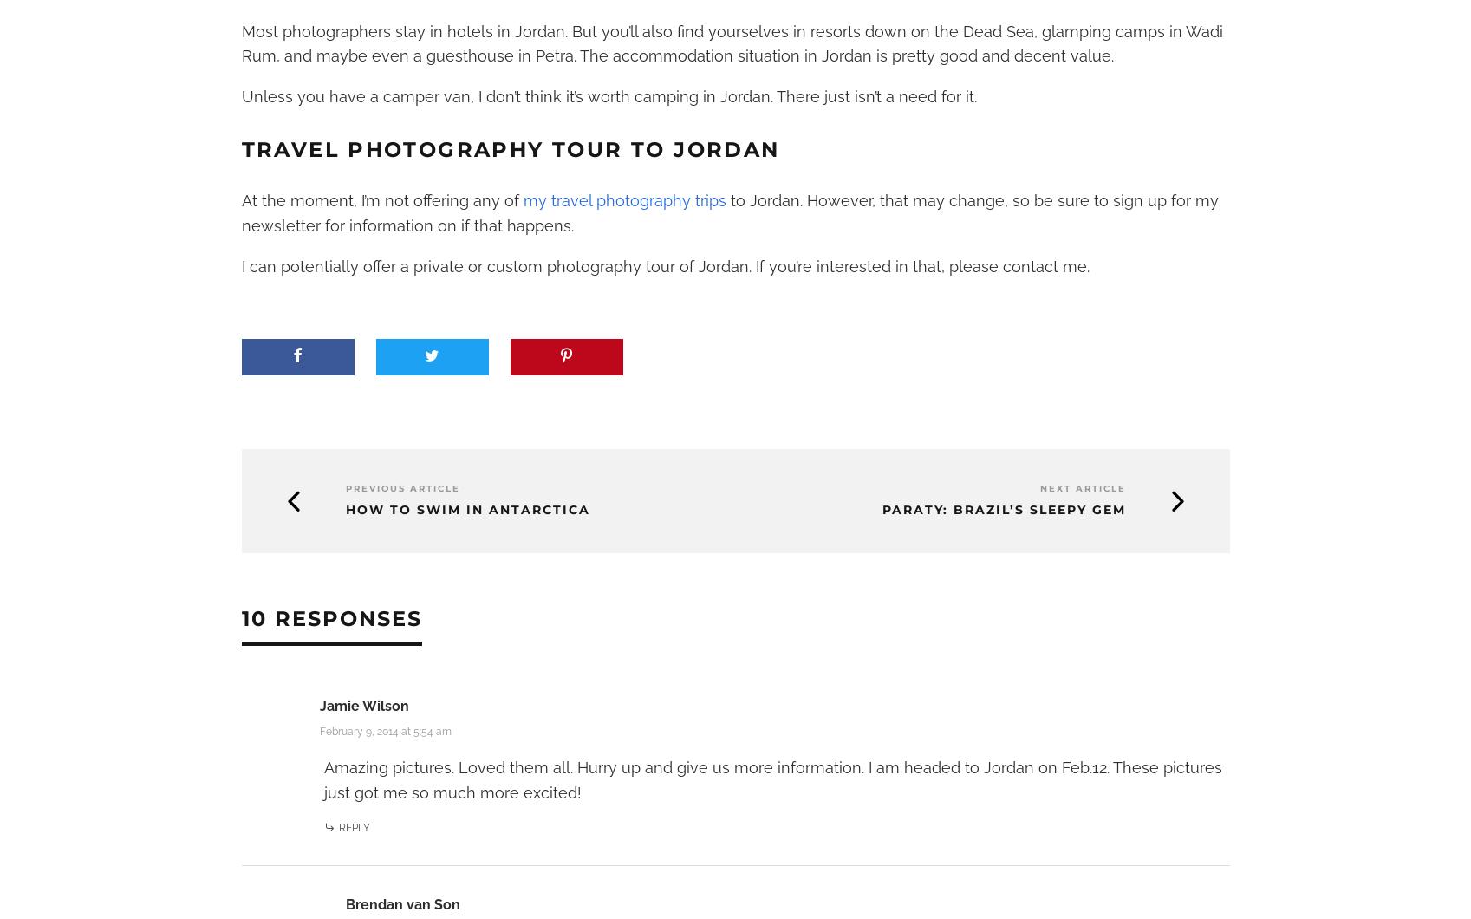 The image size is (1471, 919). What do you see at coordinates (1003, 509) in the screenshot?
I see `'Paraty: Brazil’s Sleepy Gem'` at bounding box center [1003, 509].